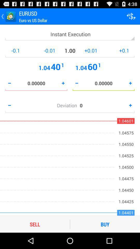  Describe the element at coordinates (68, 105) in the screenshot. I see `the deviation icon` at that location.